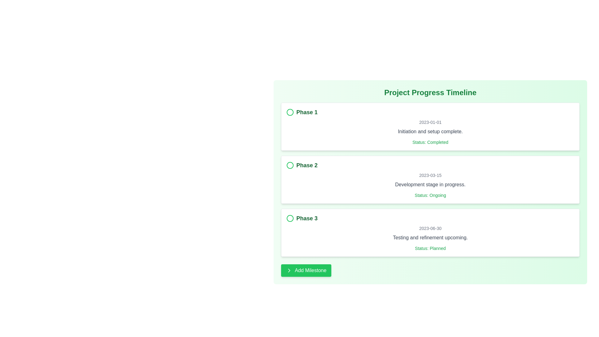 Image resolution: width=599 pixels, height=337 pixels. I want to click on the text label displaying '2023-01-01' located within the 'Phase 1' card, positioned below the title and above the description text, so click(430, 122).